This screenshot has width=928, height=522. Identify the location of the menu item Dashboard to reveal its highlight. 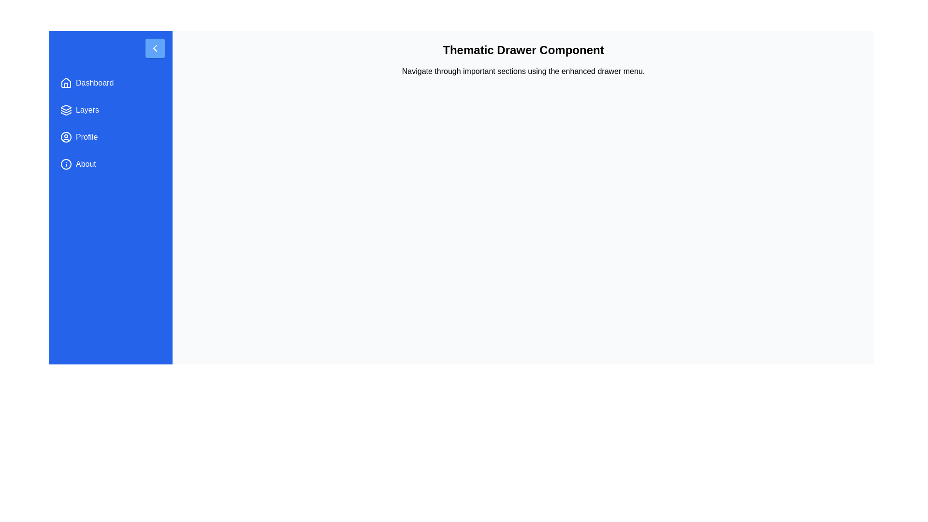
(111, 83).